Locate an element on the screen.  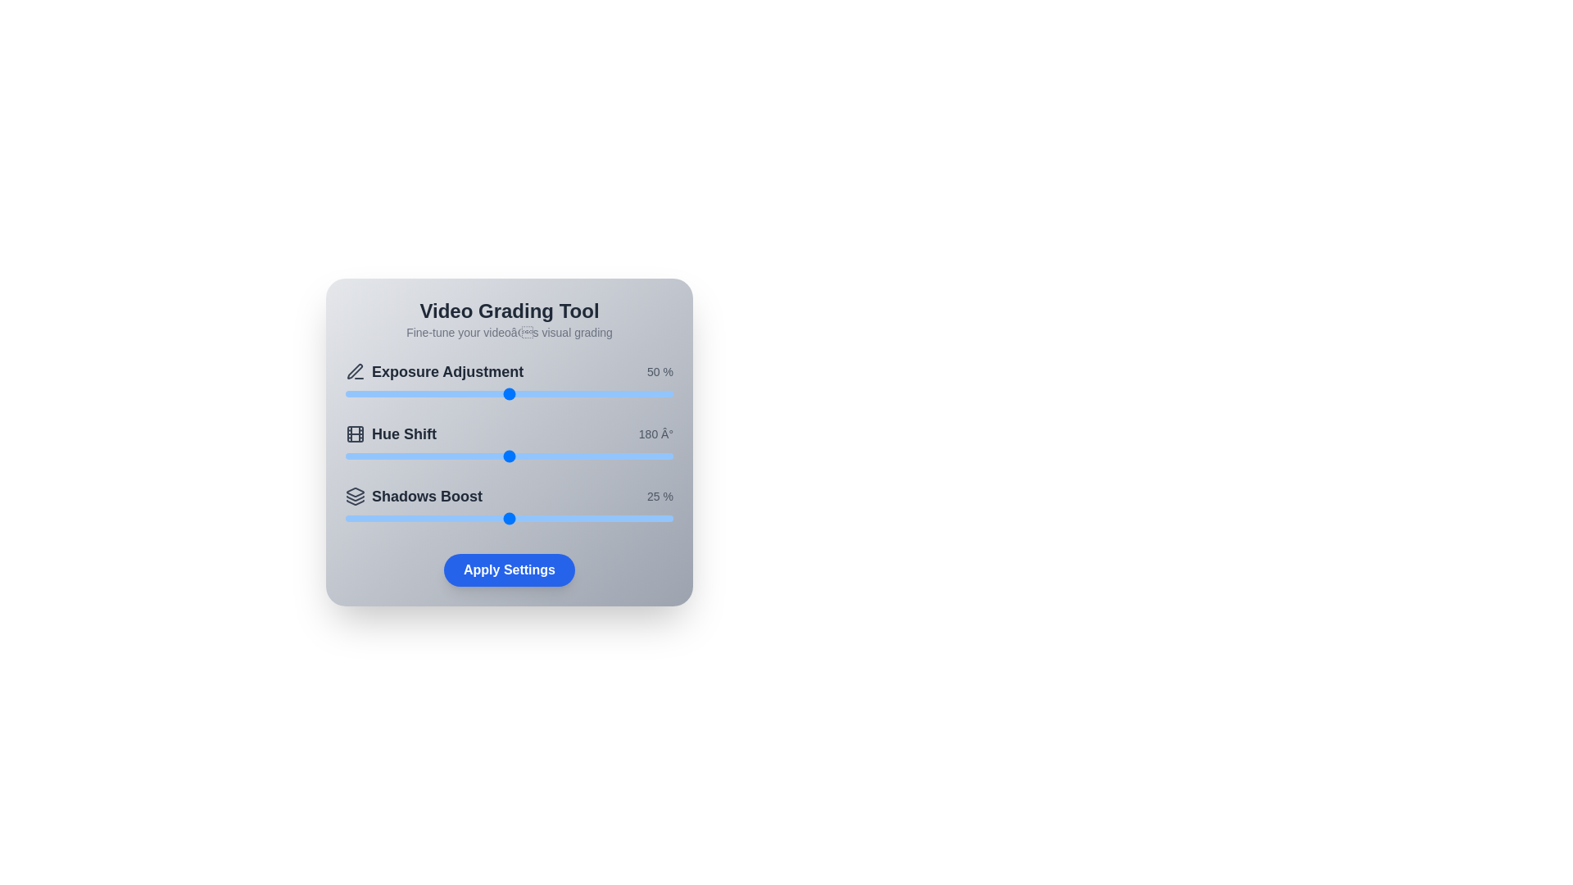
the 'Shadows Boost' icon, which is positioned to the far left of the textual label in the third line of grouped vertical elements is located at coordinates (354, 495).